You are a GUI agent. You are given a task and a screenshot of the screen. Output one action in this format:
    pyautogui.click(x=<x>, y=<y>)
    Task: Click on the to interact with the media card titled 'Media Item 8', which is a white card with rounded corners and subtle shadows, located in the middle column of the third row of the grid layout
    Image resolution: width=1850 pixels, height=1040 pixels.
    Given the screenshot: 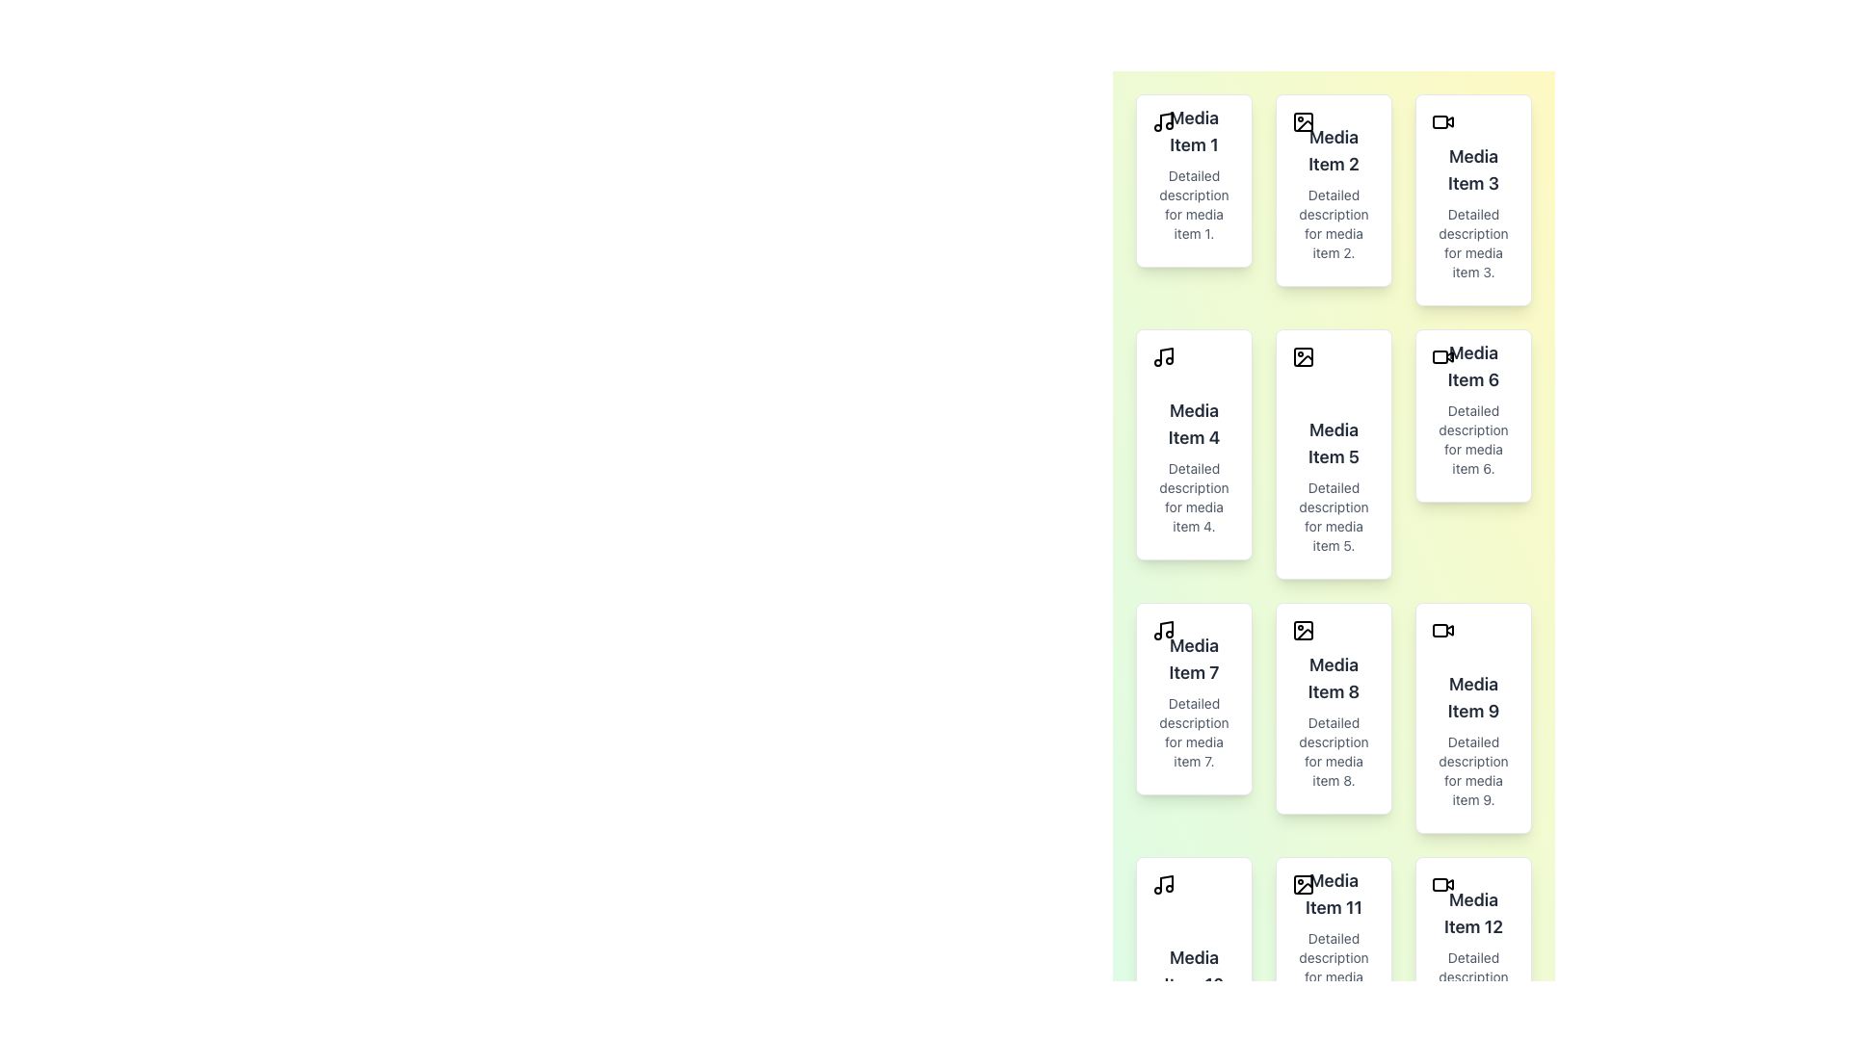 What is the action you would take?
    pyautogui.click(x=1333, y=709)
    